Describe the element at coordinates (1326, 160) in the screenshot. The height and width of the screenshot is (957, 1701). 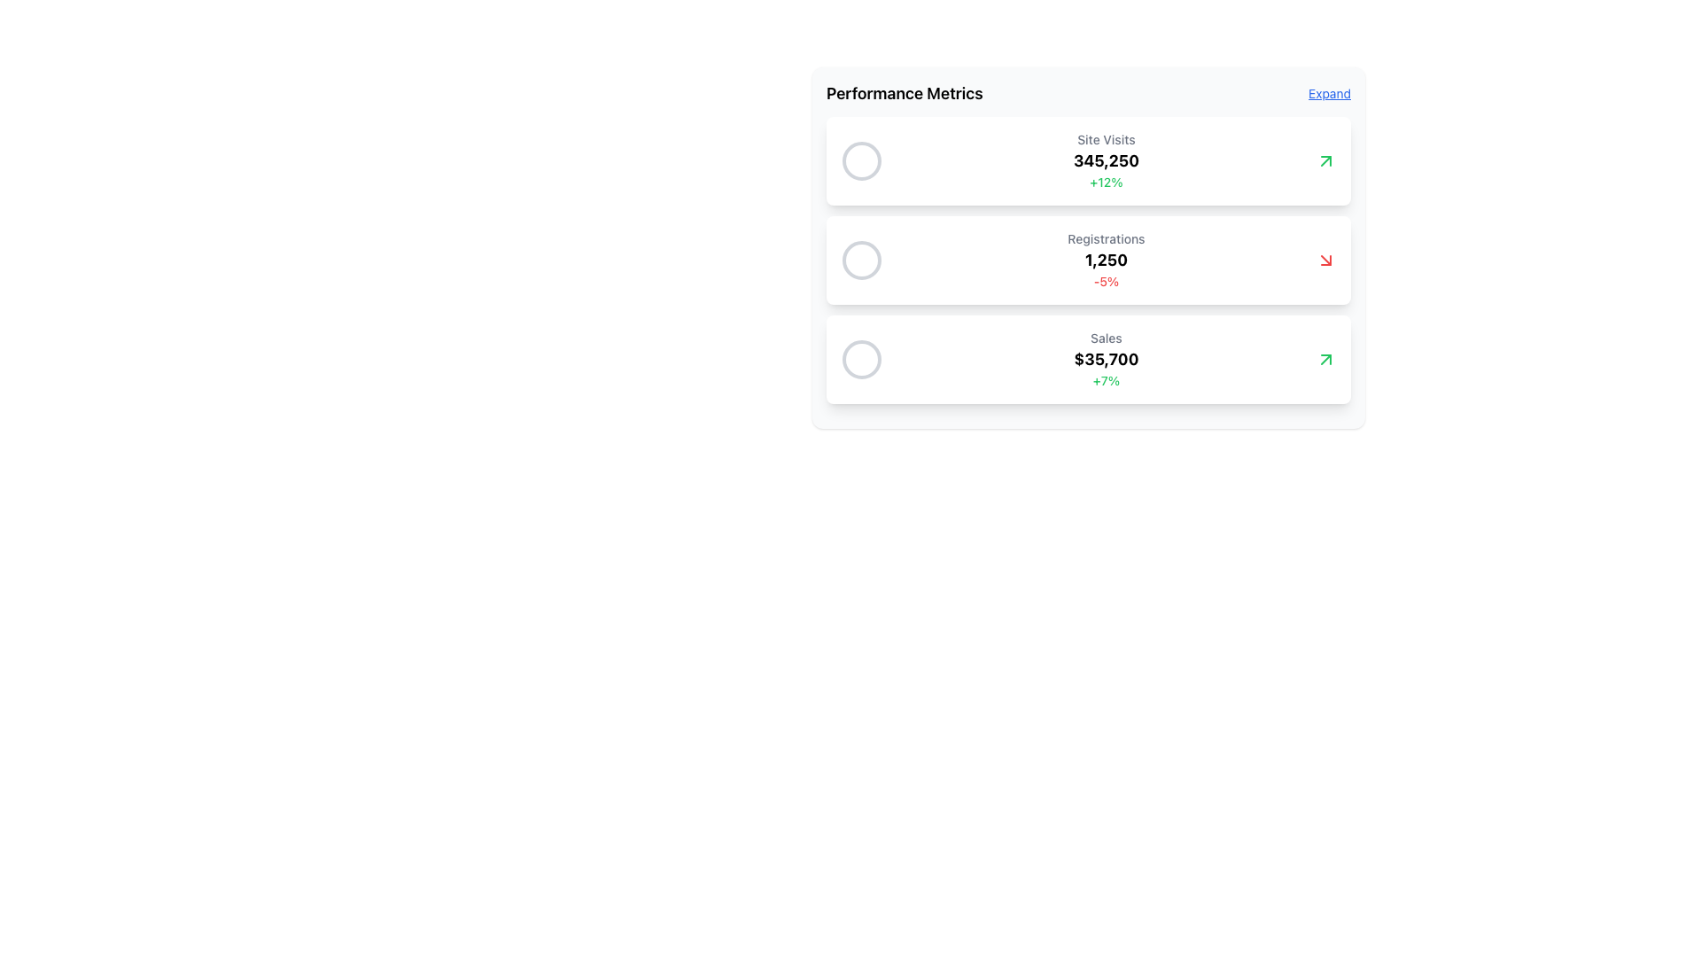
I see `the upward trend icon indicating positive growth for the 'Site Visits' metric, located at the far-right of the statistics card in the 'Performance Metrics' section` at that location.